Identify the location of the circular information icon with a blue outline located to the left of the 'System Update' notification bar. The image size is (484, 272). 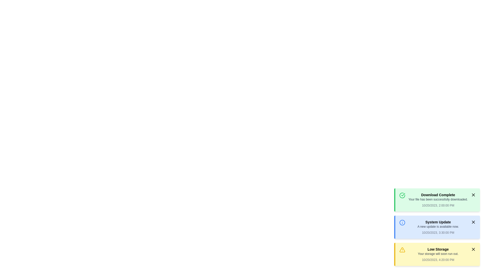
(402, 222).